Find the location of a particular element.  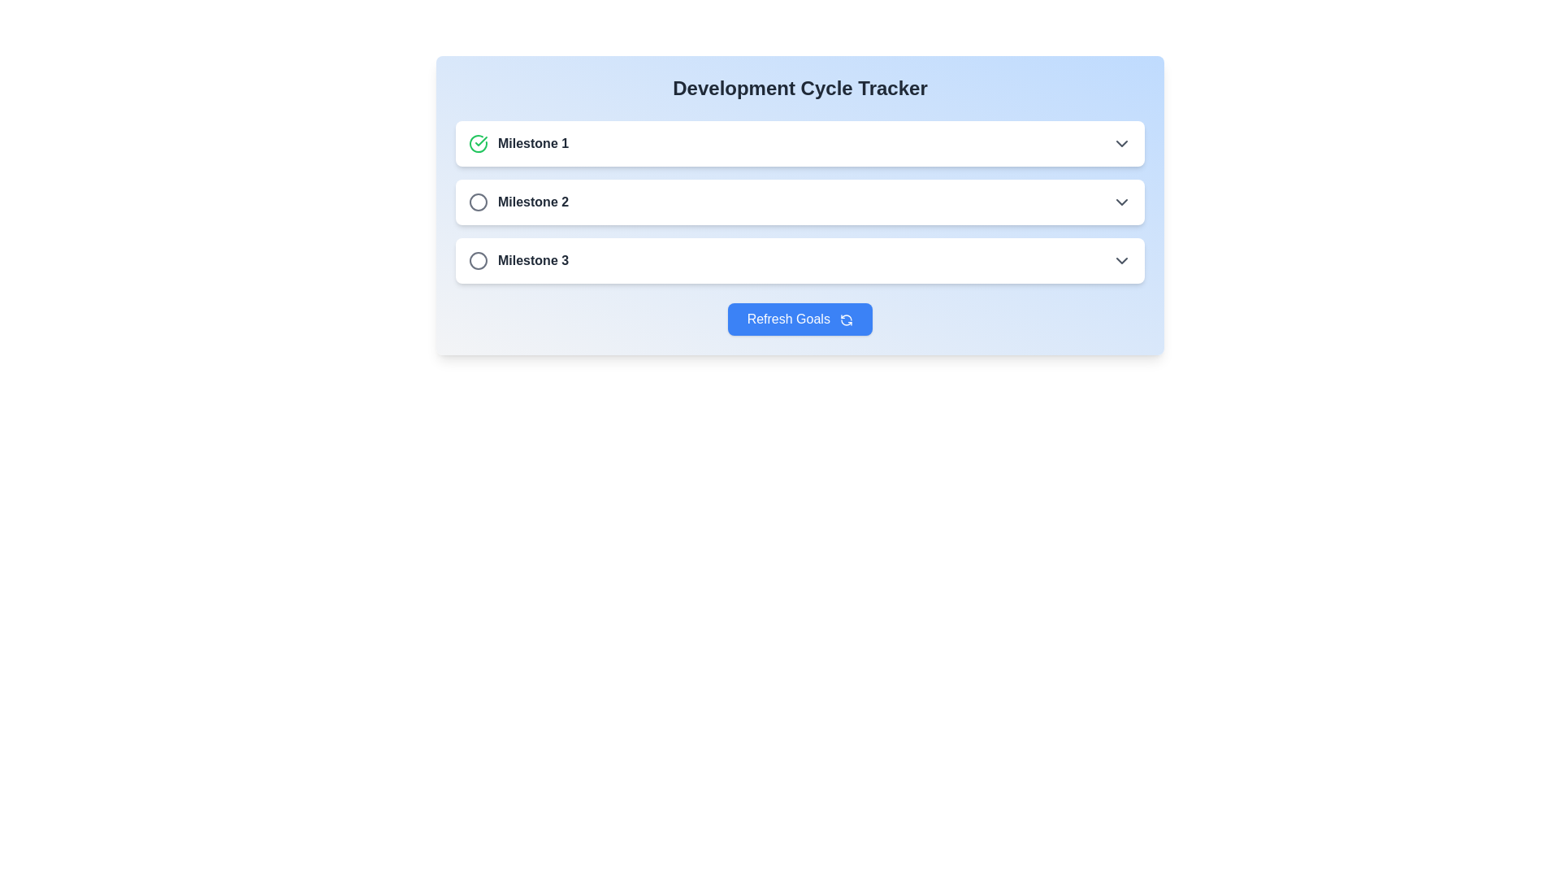

the dropdown indicator icon located in the rightmost section of the 'Milestone 2' row to receive additional visual feedback is located at coordinates (1121, 202).